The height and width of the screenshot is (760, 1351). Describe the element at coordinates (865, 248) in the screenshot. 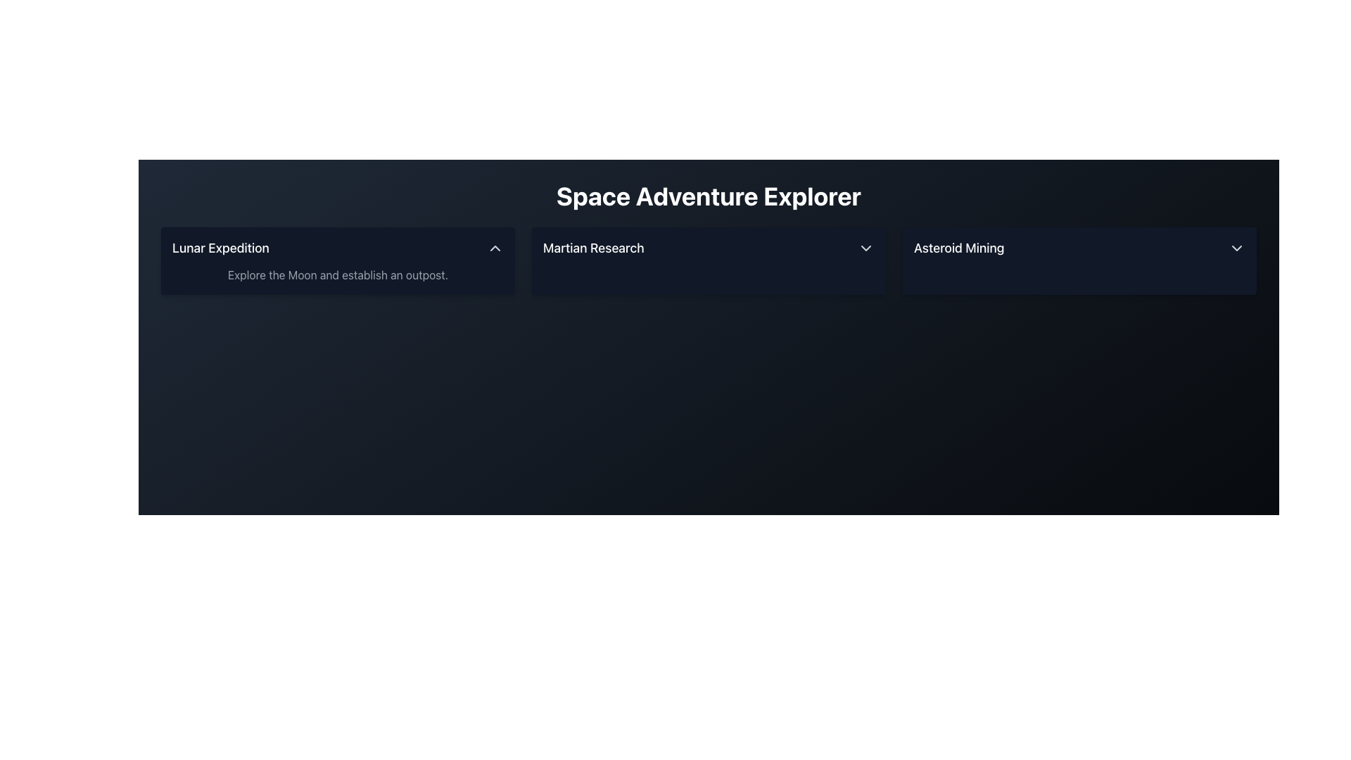

I see `the Dropdown indicator on the far-right side of the 'Martian Research' section` at that location.